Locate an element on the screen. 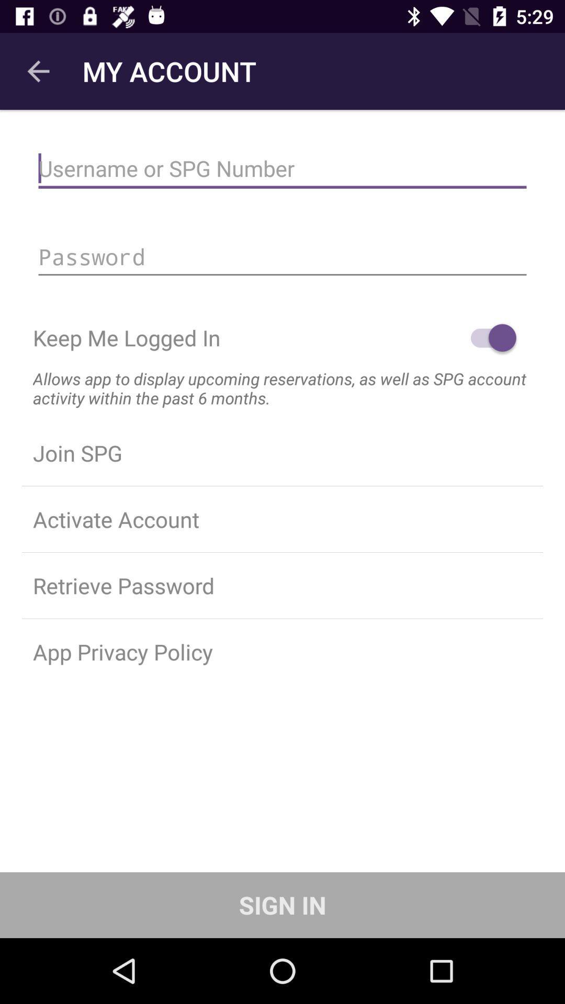 The height and width of the screenshot is (1004, 565). icon below the app privacy policy icon is located at coordinates (282, 905).